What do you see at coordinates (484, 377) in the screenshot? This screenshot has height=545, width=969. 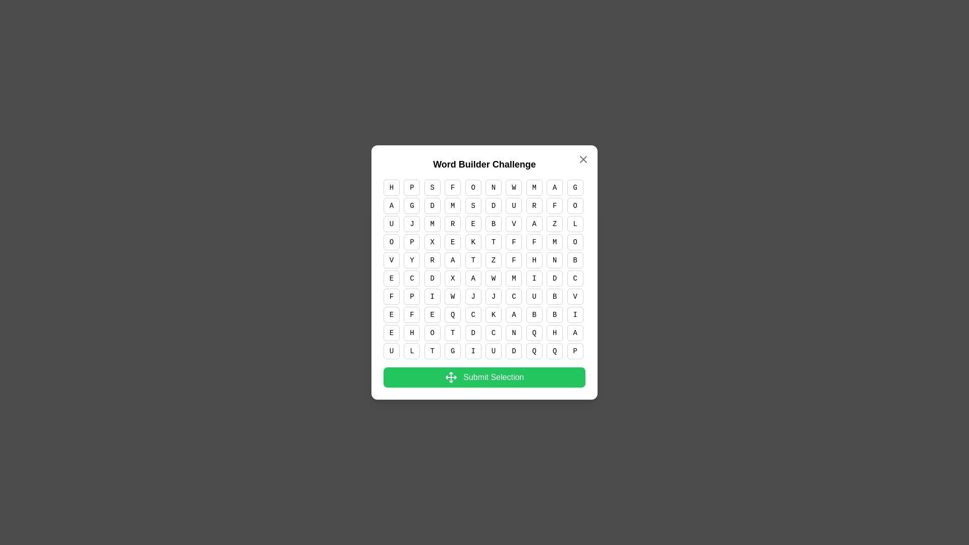 I see `the 'Submit Selection' button to submit the selected cells` at bounding box center [484, 377].